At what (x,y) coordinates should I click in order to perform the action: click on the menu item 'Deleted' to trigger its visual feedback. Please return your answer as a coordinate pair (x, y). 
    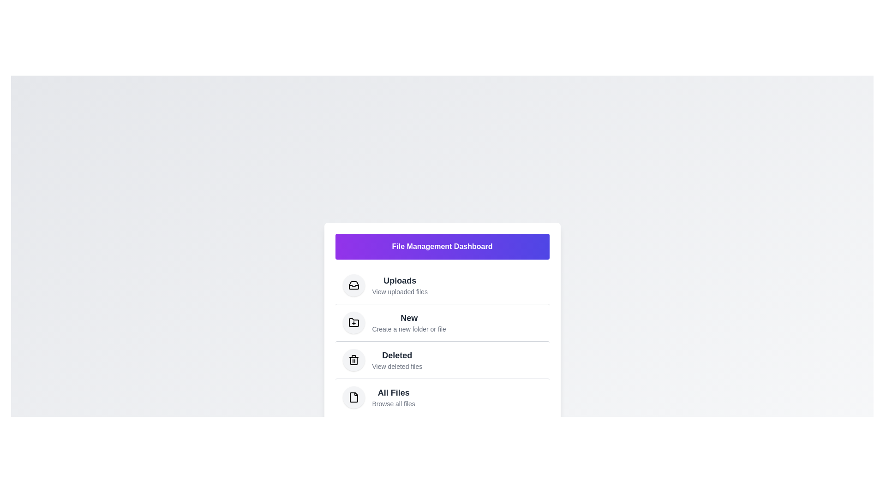
    Looking at the image, I should click on (442, 359).